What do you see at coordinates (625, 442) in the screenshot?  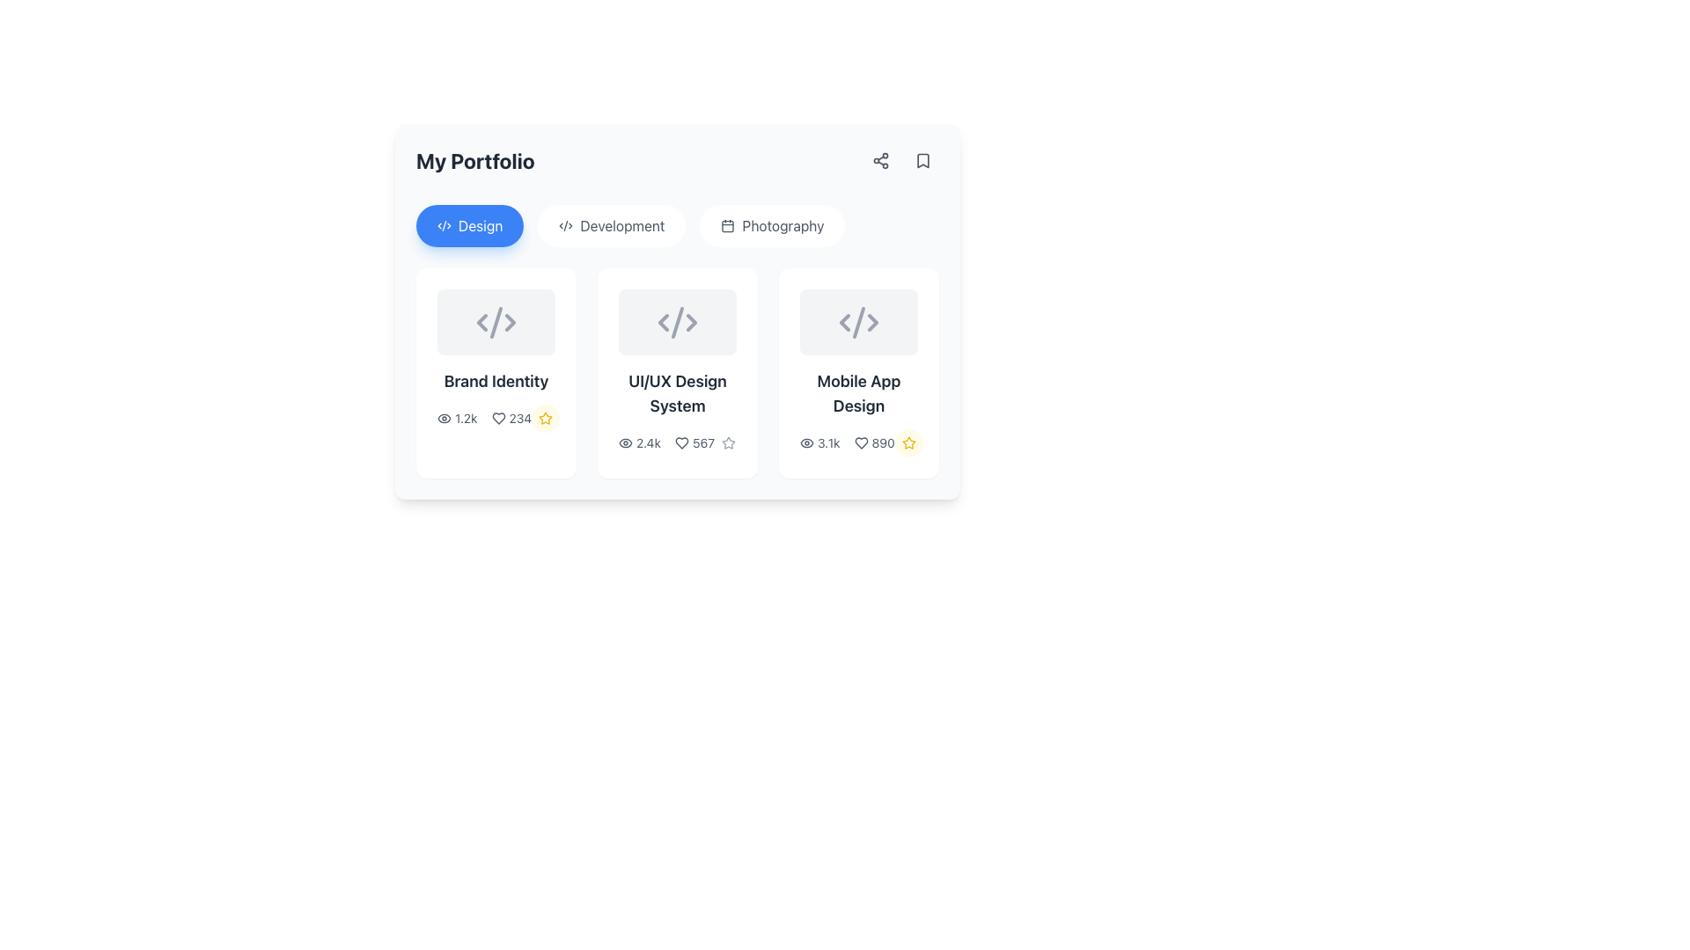 I see `the eye icon, which is a distinctive standalone element within the interactive panel located near the top right corner of the interface` at bounding box center [625, 442].